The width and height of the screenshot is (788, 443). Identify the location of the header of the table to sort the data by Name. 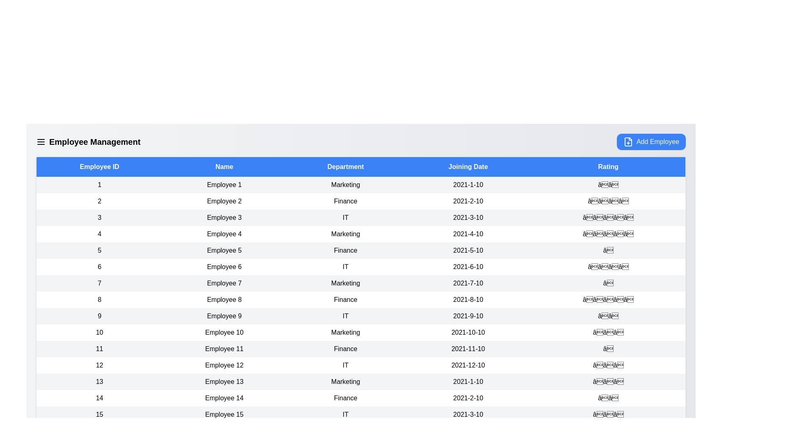
(224, 167).